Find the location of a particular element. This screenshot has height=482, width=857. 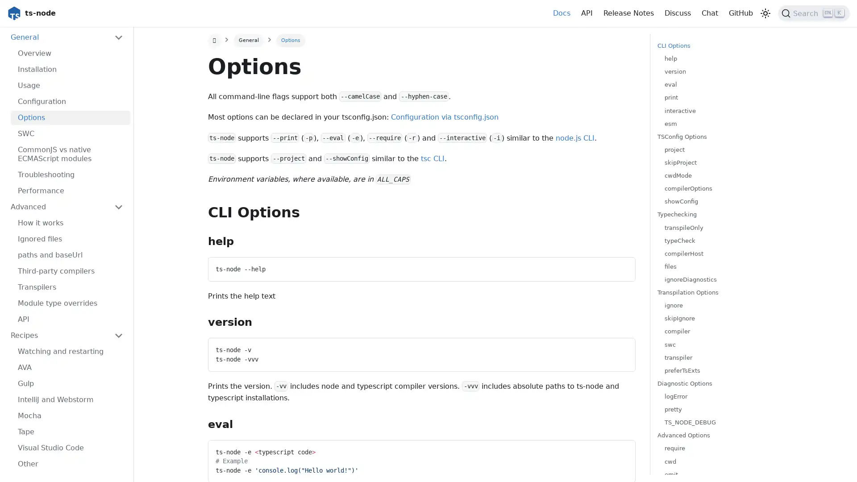

Copy code to clipboard is located at coordinates (620, 449).